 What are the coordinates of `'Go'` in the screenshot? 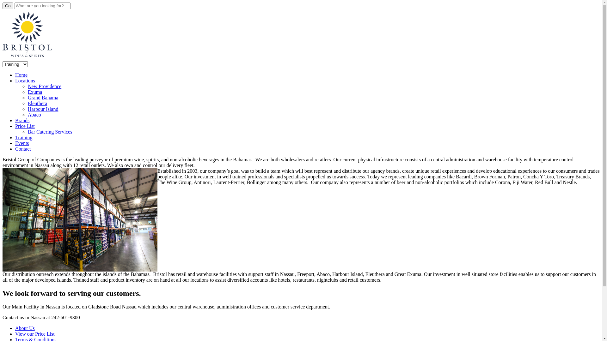 It's located at (8, 6).